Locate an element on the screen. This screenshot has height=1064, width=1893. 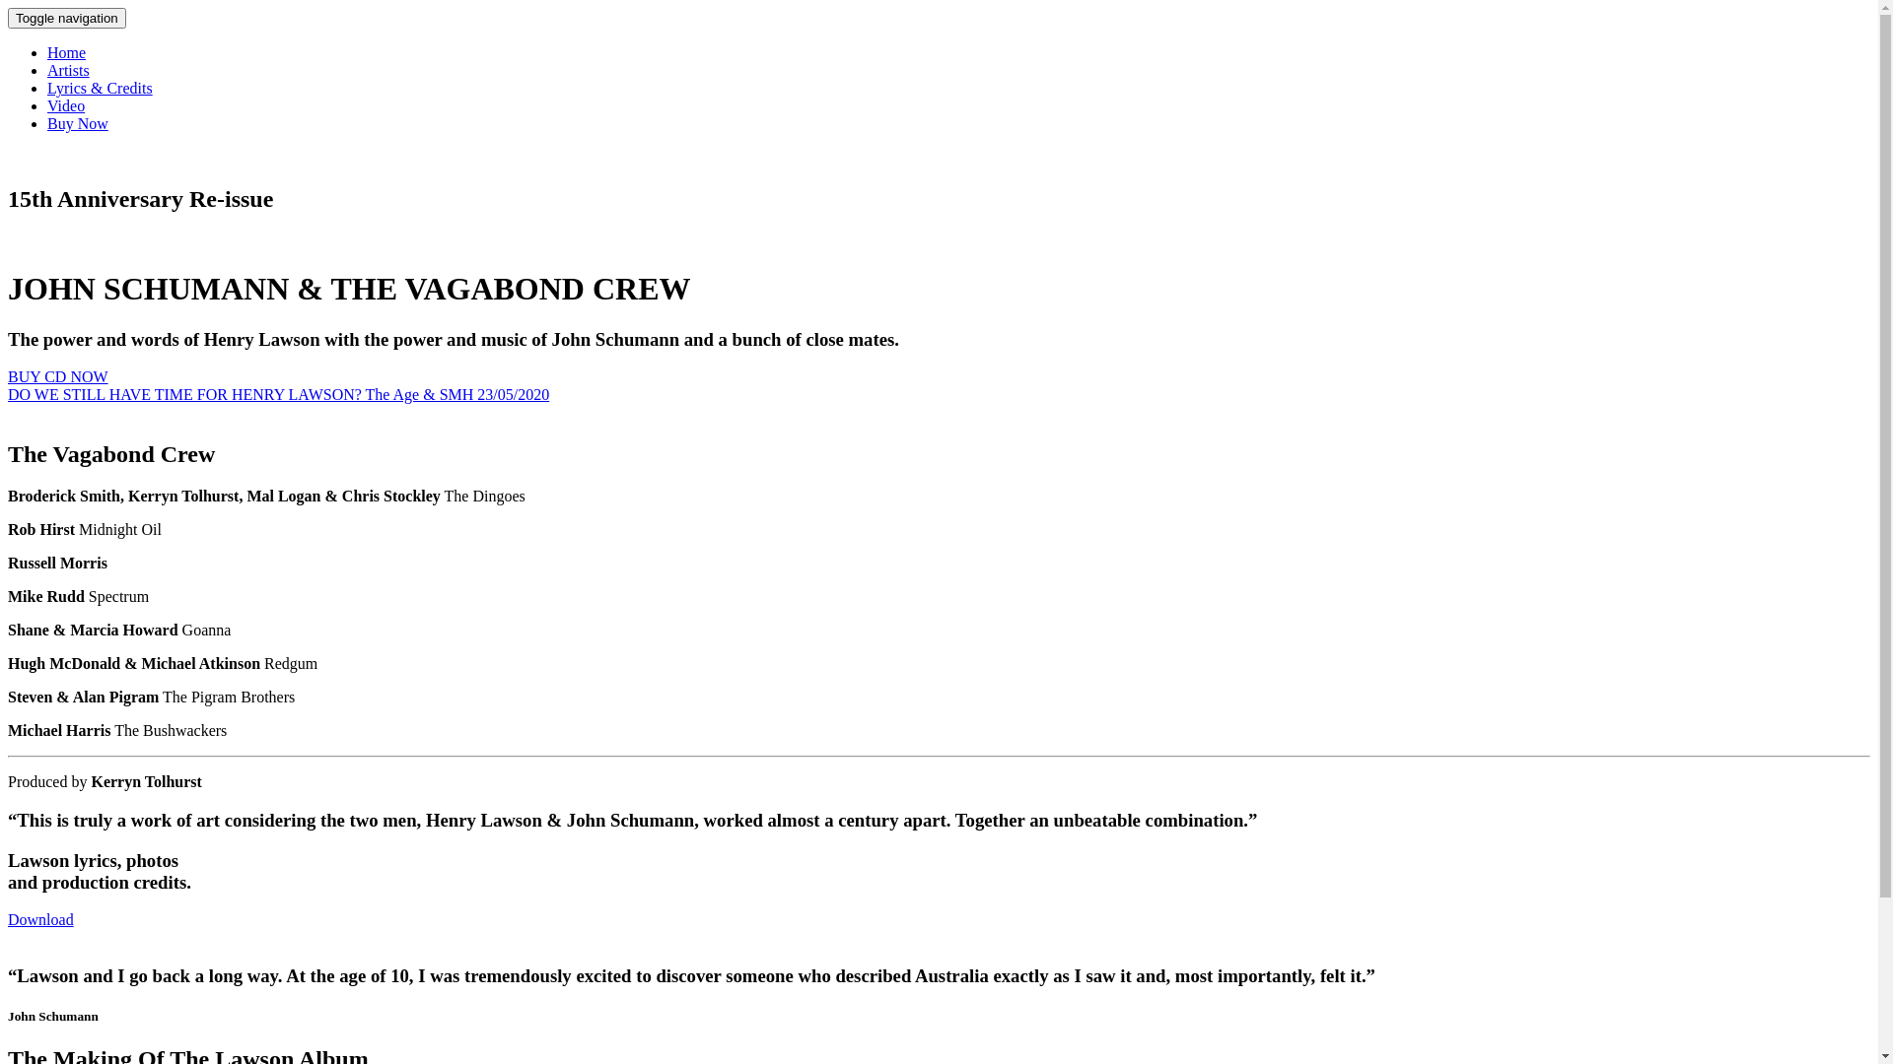
'Download' is located at coordinates (40, 919).